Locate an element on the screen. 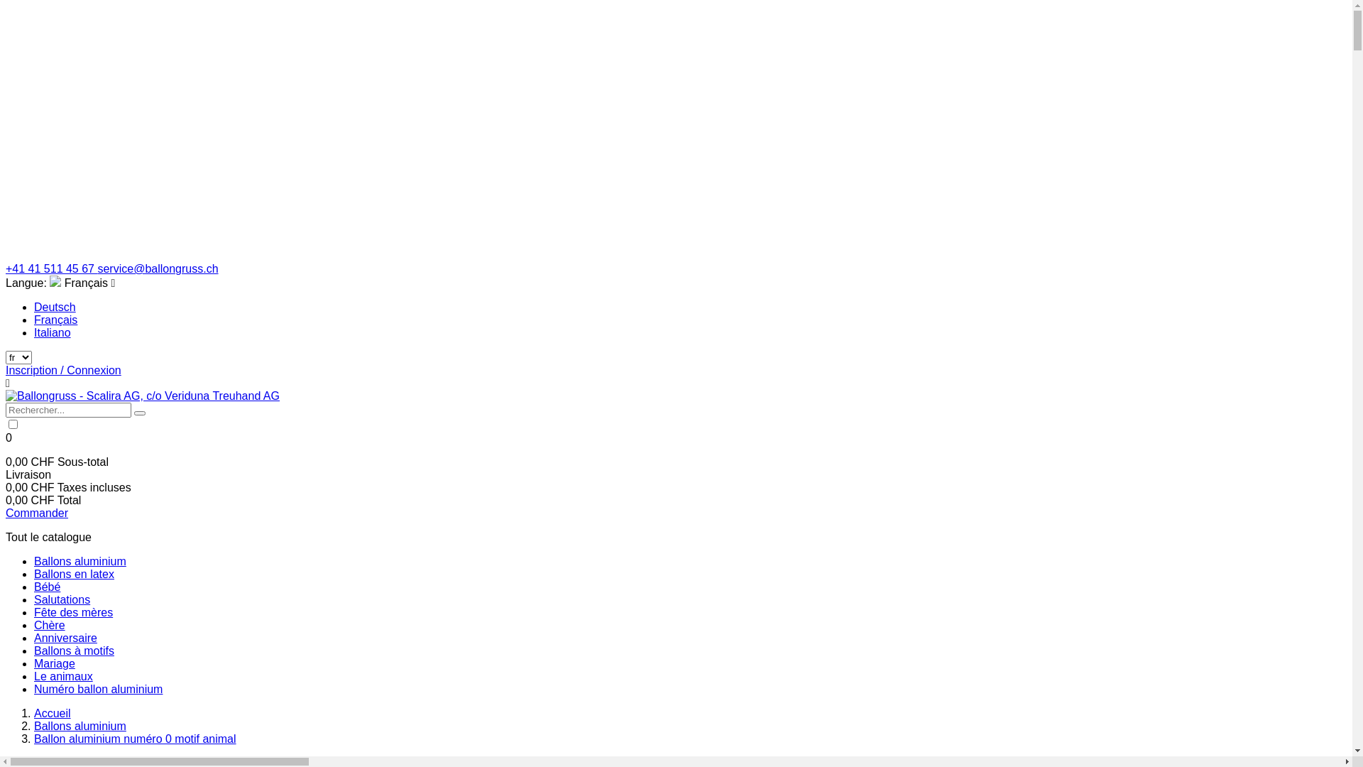 The width and height of the screenshot is (1363, 767). 'Inscription / Connexion' is located at coordinates (62, 369).